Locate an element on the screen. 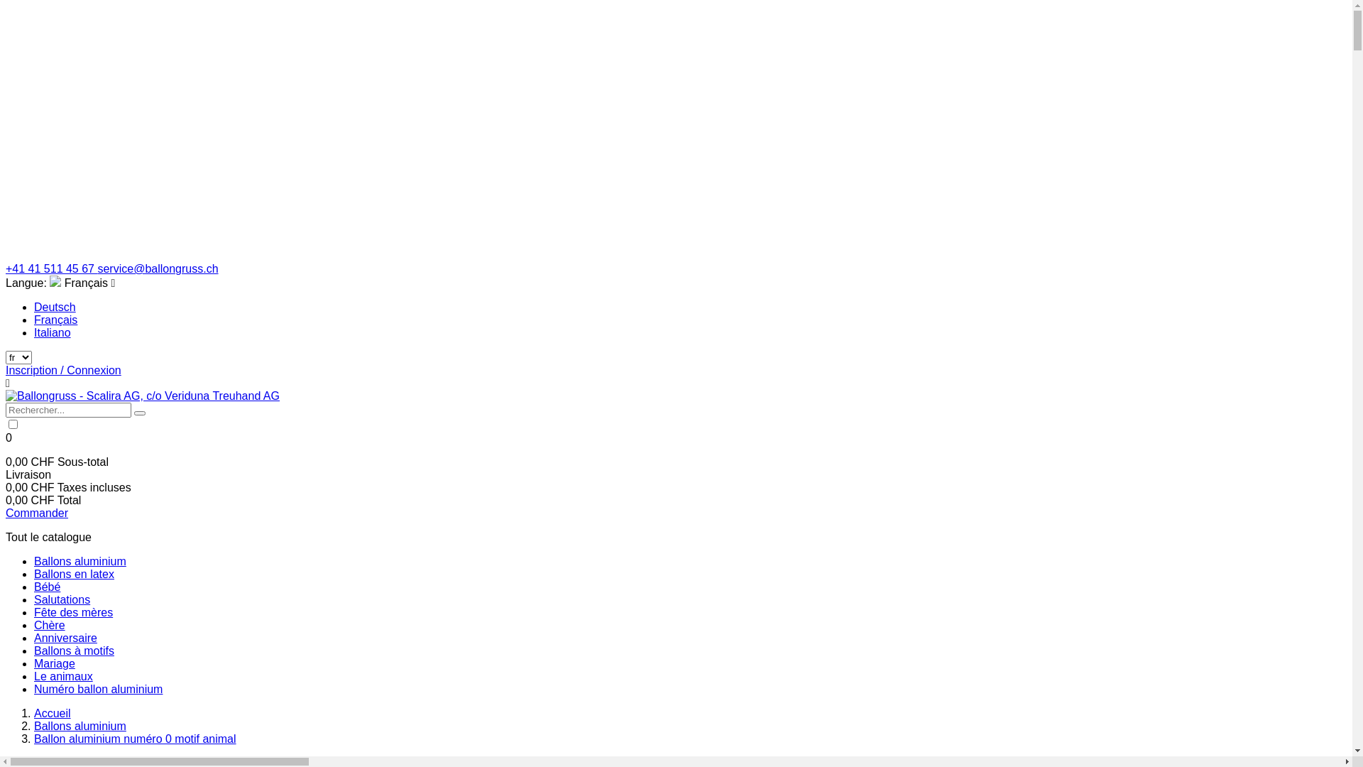 The width and height of the screenshot is (1363, 767). 'Inscription / Connexion' is located at coordinates (62, 369).